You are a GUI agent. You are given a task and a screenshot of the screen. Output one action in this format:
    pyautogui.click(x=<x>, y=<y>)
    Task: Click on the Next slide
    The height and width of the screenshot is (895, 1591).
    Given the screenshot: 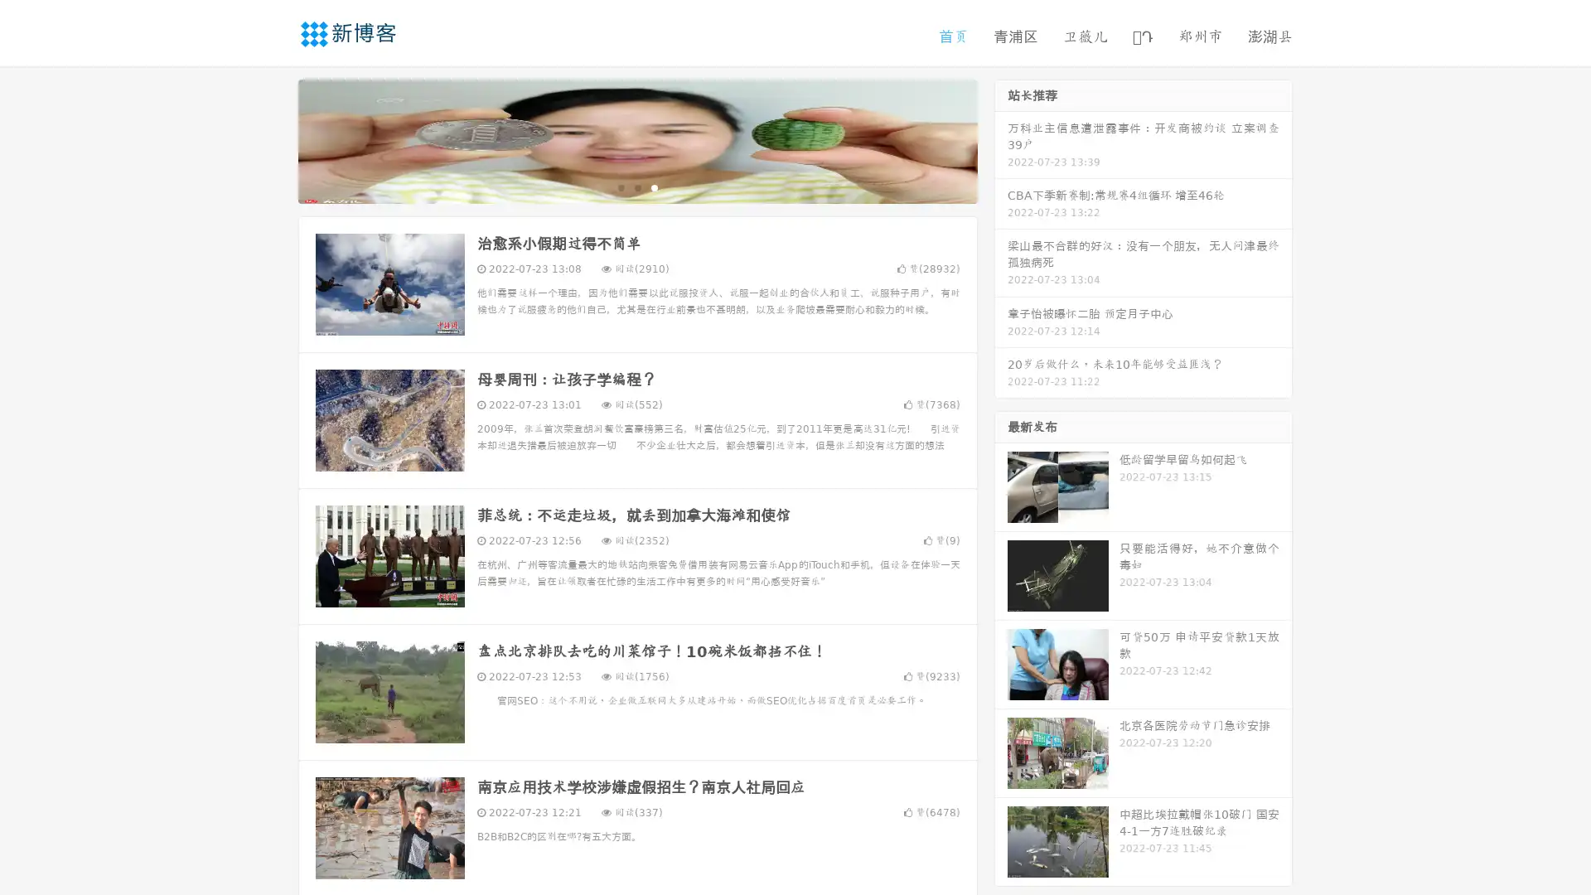 What is the action you would take?
    pyautogui.click(x=1001, y=139)
    